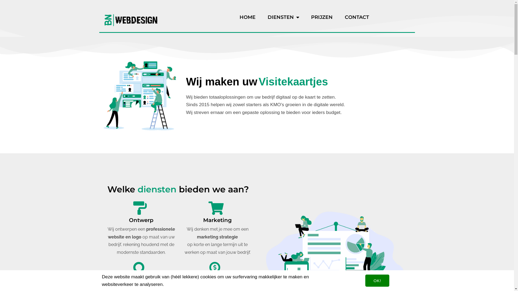 This screenshot has height=291, width=518. Describe the element at coordinates (365, 280) in the screenshot. I see `'OK!'` at that location.